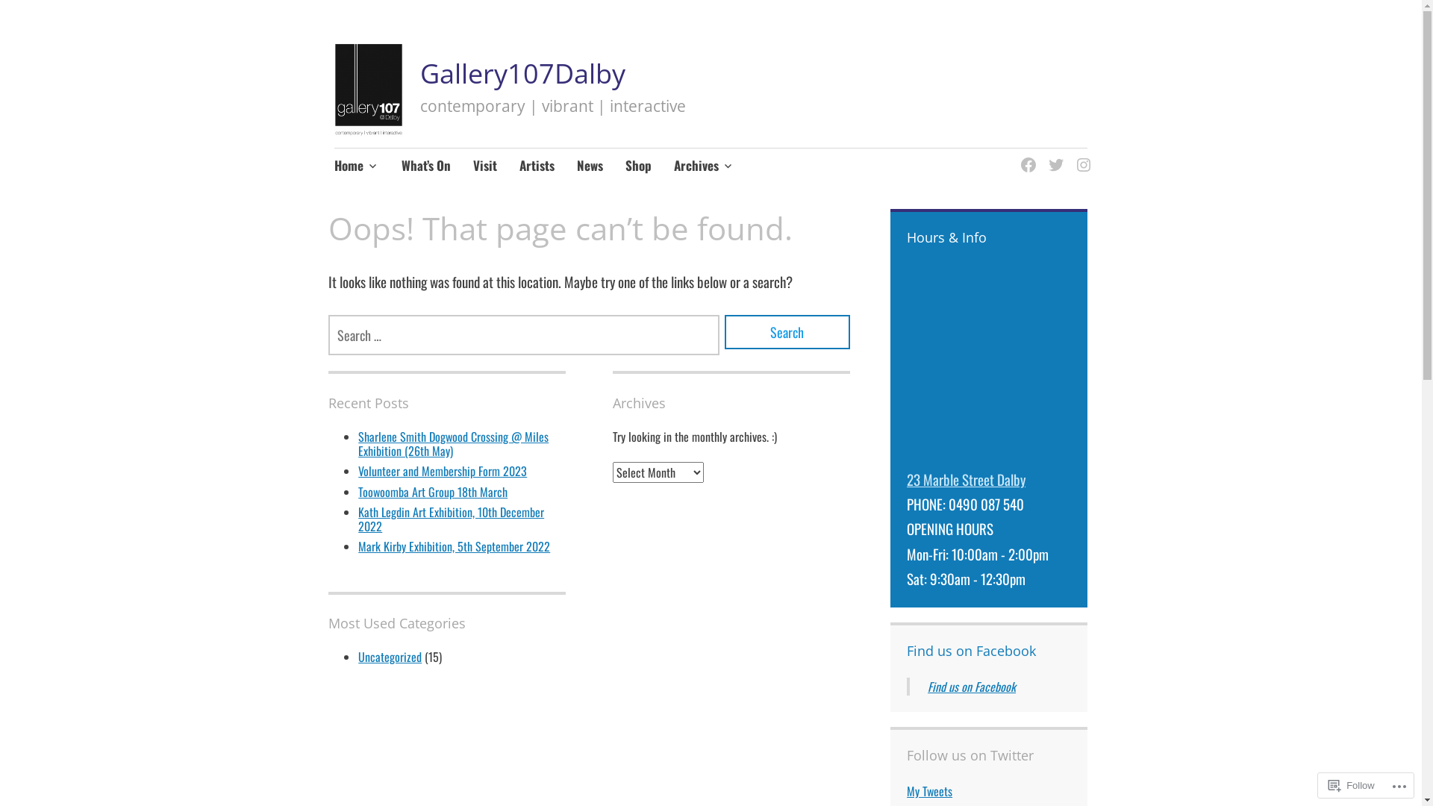  I want to click on 'Shop', so click(638, 166).